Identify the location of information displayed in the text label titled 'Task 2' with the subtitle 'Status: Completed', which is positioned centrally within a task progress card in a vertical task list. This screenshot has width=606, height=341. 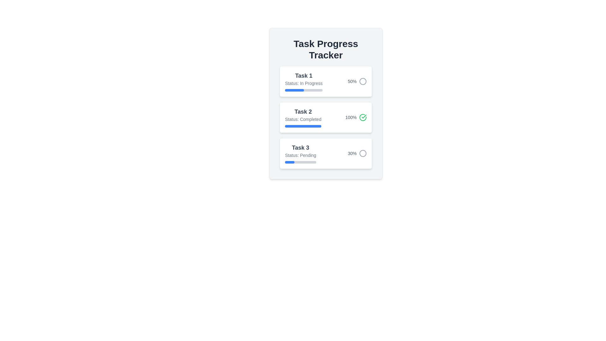
(303, 117).